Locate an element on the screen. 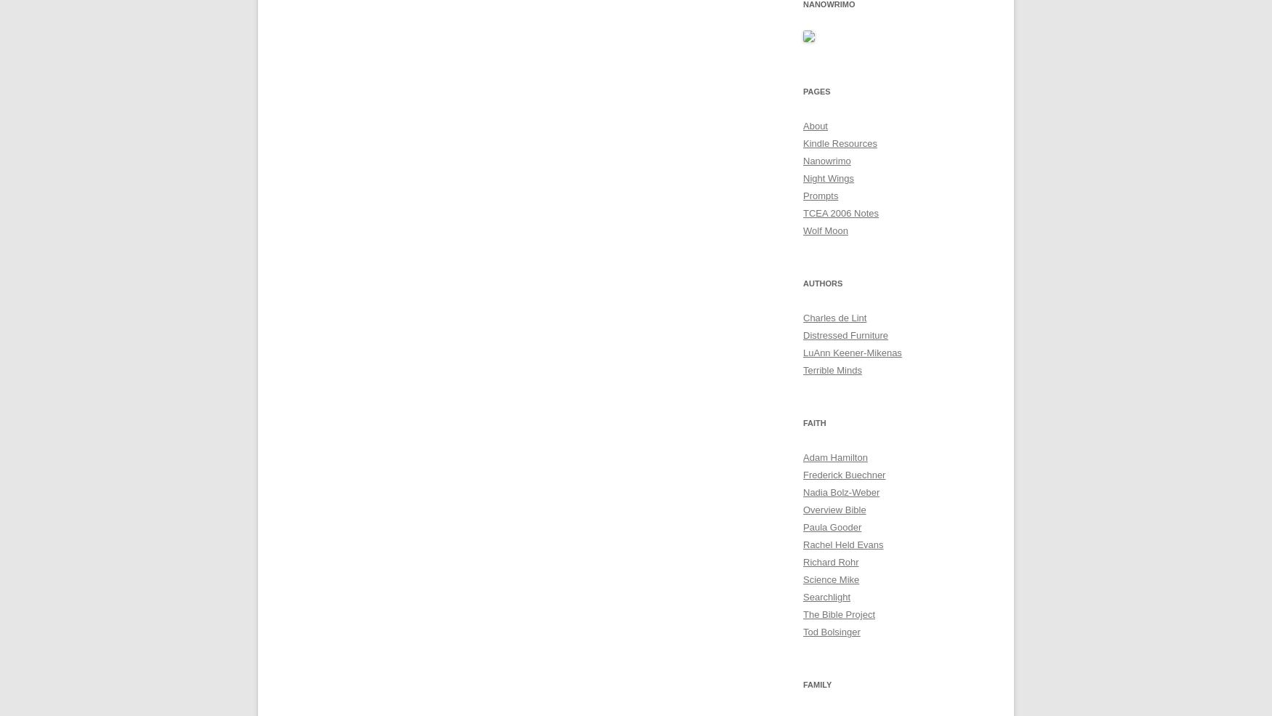 This screenshot has width=1272, height=716. 'Searchlight' is located at coordinates (826, 596).